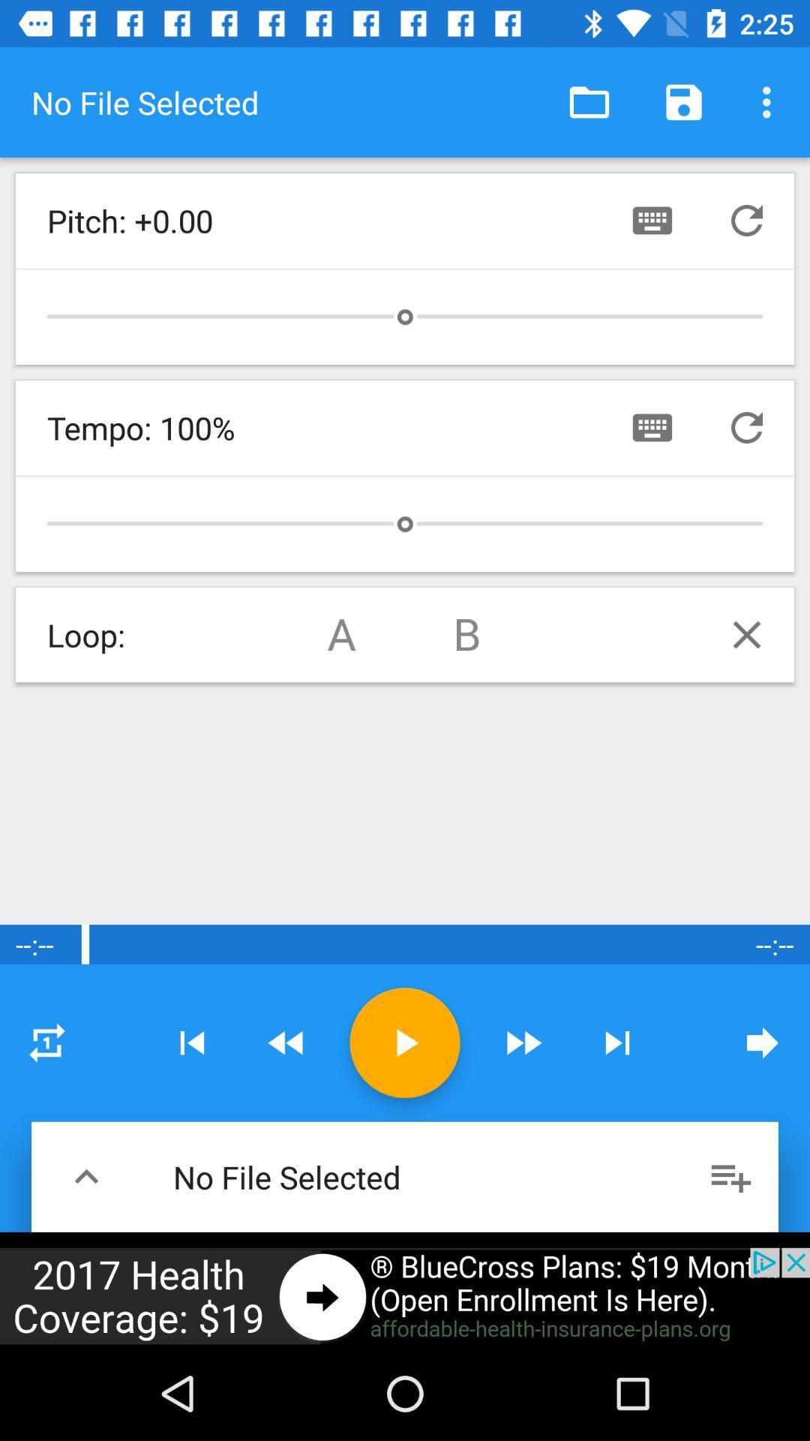 Image resolution: width=810 pixels, height=1441 pixels. I want to click on the skip_next icon, so click(617, 1042).